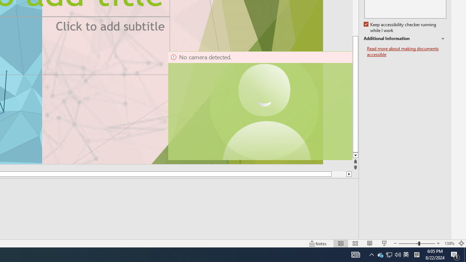  I want to click on 'Slide Sorter', so click(355, 243).